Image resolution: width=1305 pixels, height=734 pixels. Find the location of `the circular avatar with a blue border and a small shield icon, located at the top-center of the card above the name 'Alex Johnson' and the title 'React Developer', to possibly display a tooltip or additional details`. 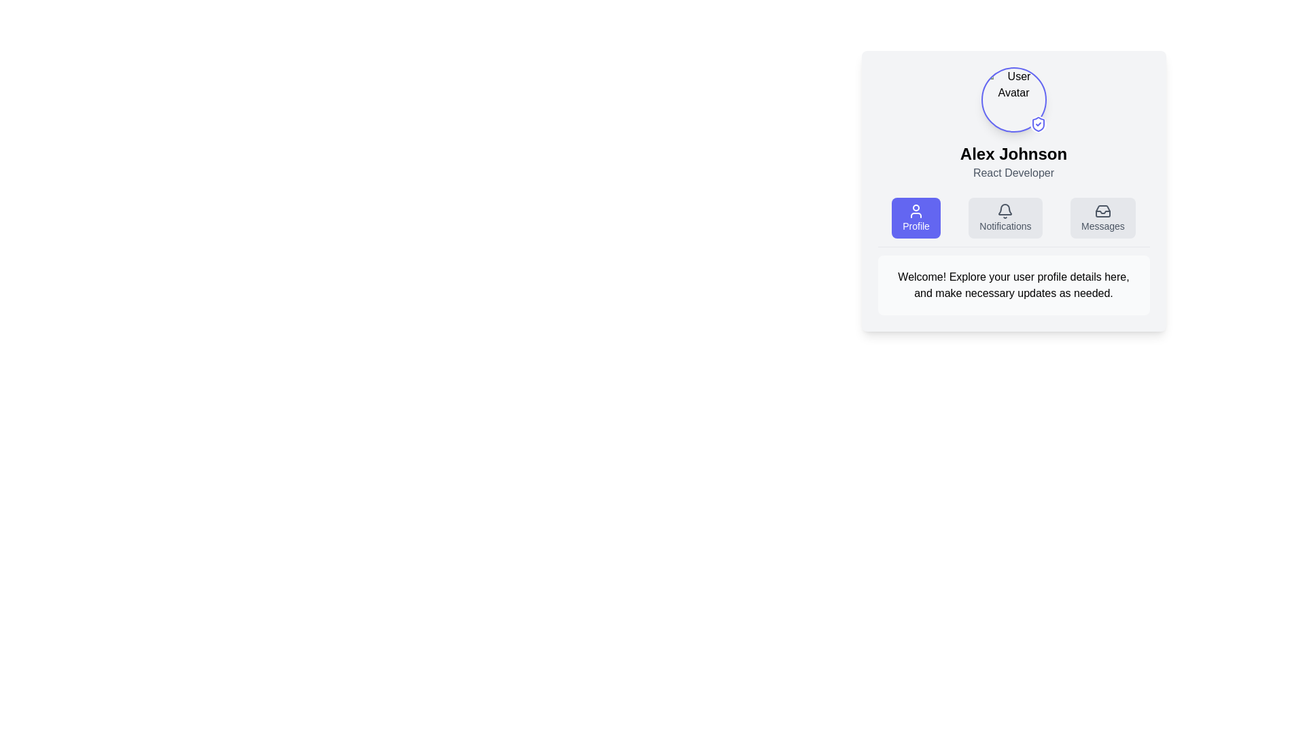

the circular avatar with a blue border and a small shield icon, located at the top-center of the card above the name 'Alex Johnson' and the title 'React Developer', to possibly display a tooltip or additional details is located at coordinates (1013, 99).